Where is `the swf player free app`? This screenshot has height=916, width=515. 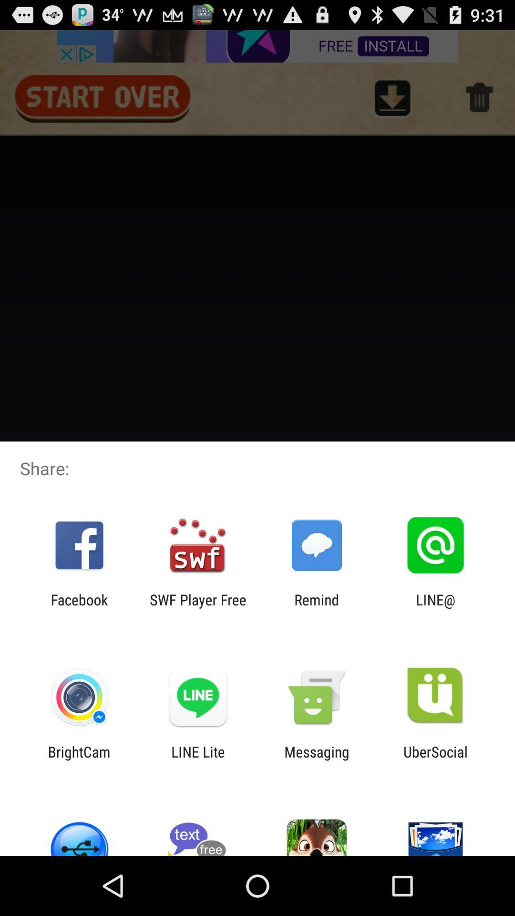 the swf player free app is located at coordinates (197, 608).